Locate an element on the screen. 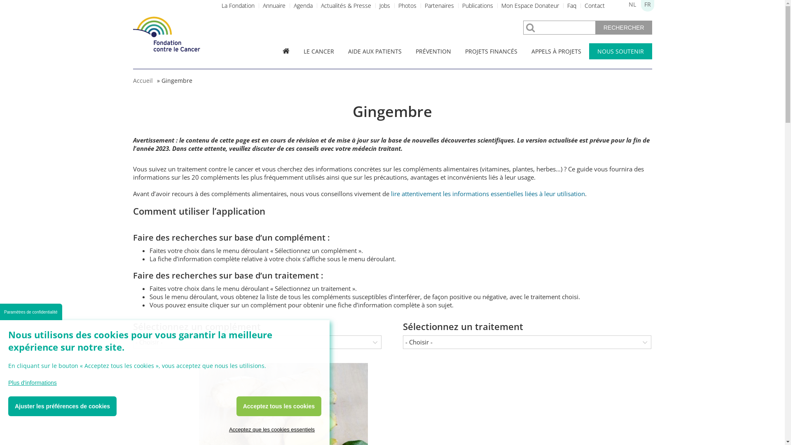 The width and height of the screenshot is (791, 445). 'Allez' is located at coordinates (16, 7).